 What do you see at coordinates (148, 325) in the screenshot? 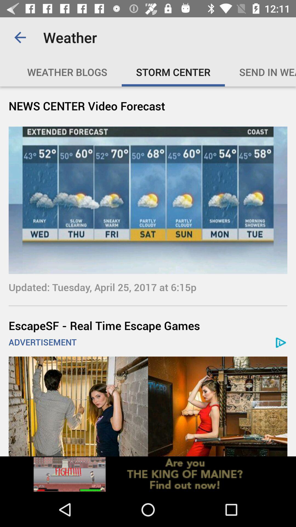
I see `the text above advertisement` at bounding box center [148, 325].